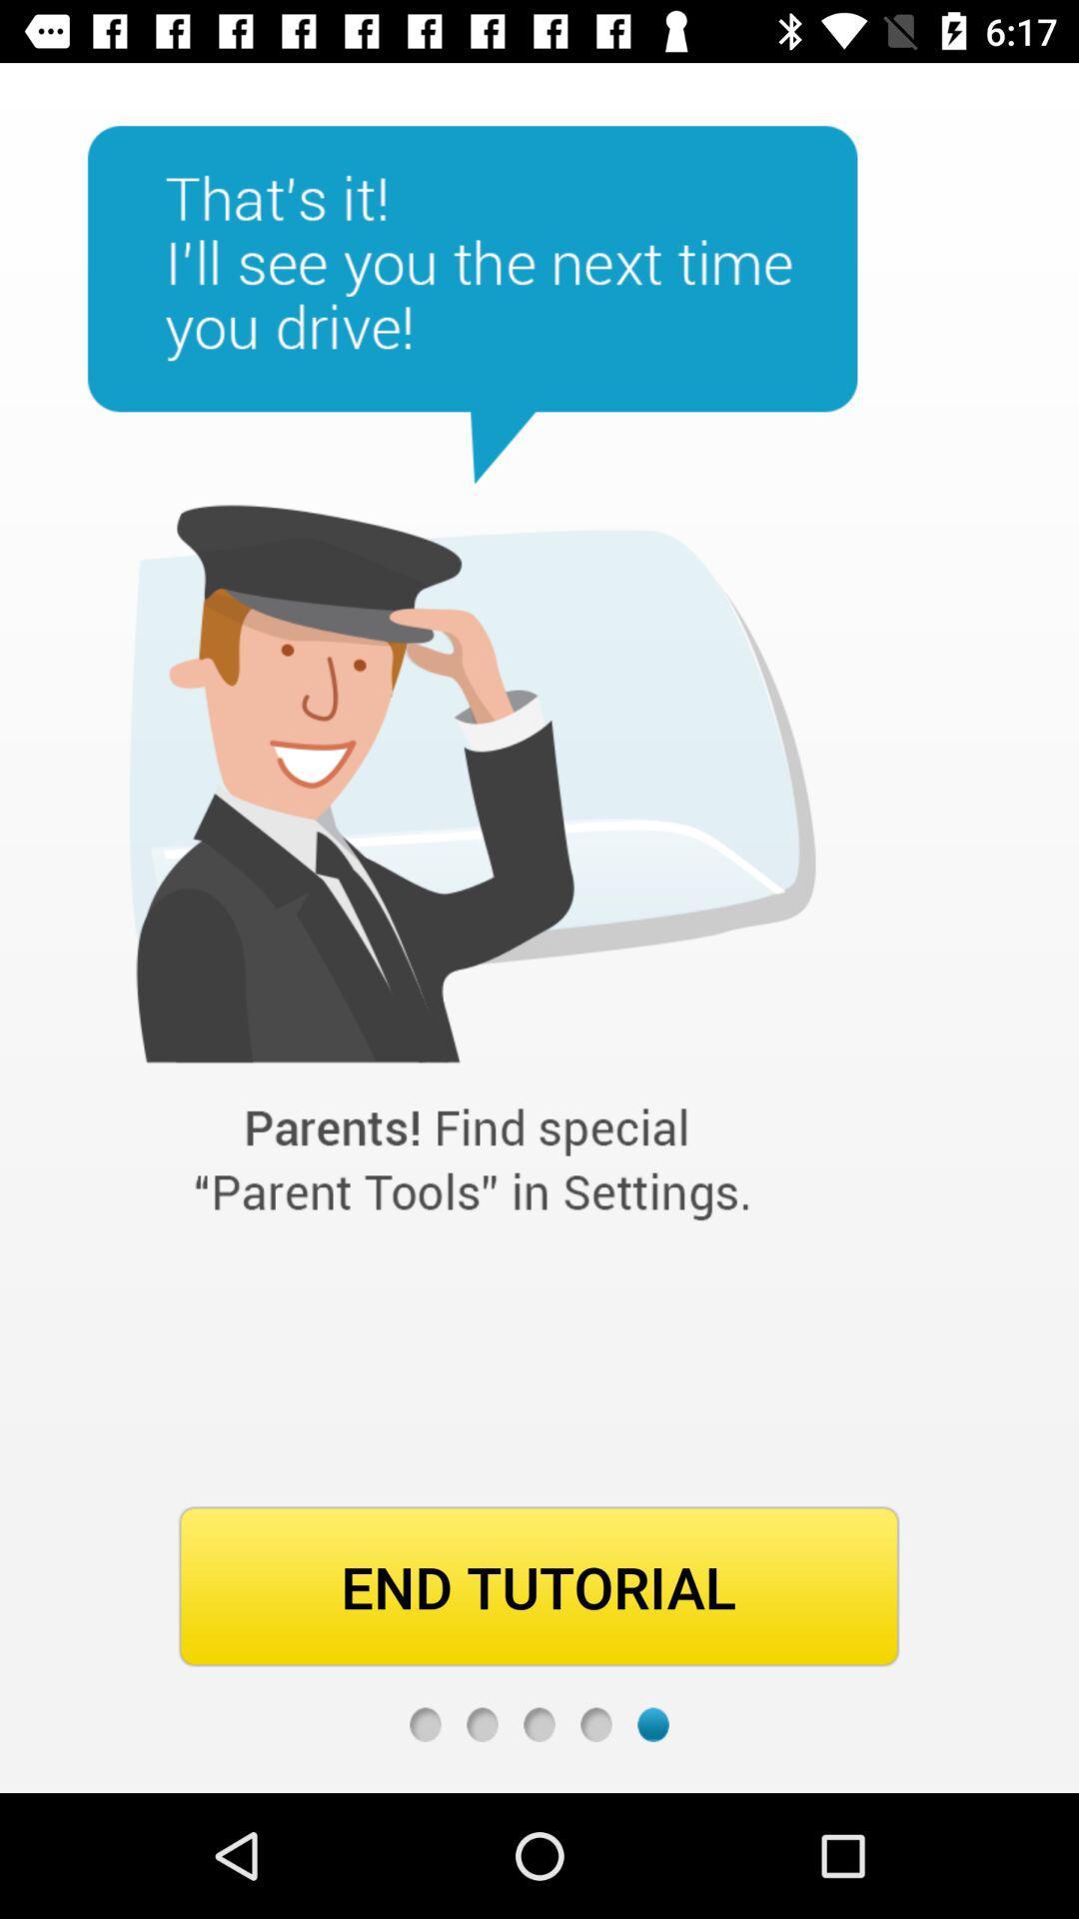  Describe the element at coordinates (482, 1723) in the screenshot. I see `2nd page` at that location.